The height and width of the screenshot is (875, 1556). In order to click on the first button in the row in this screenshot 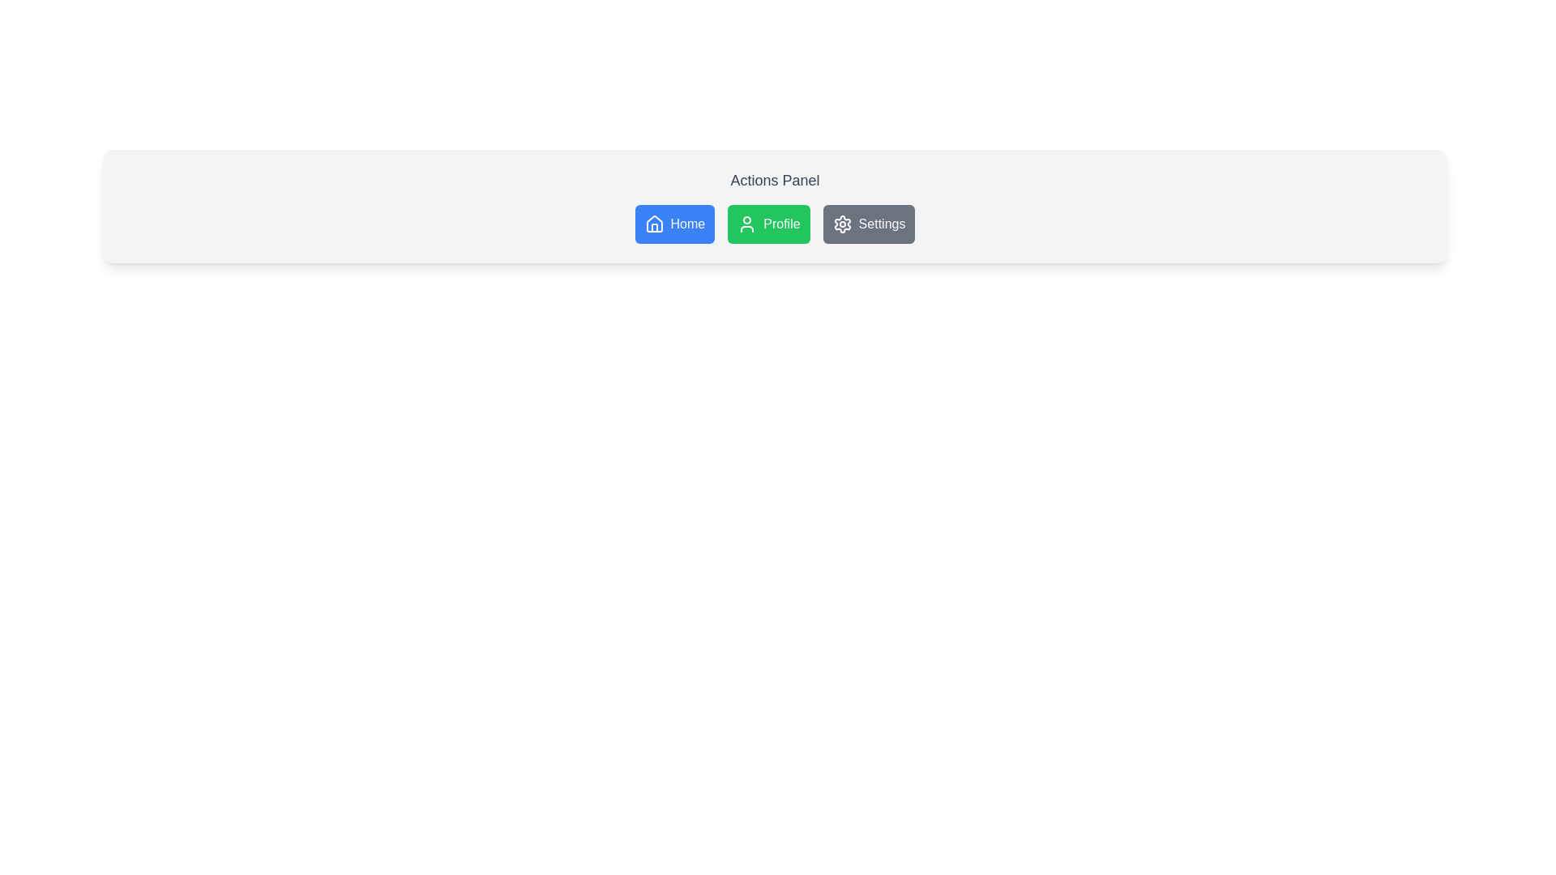, I will do `click(674, 224)`.